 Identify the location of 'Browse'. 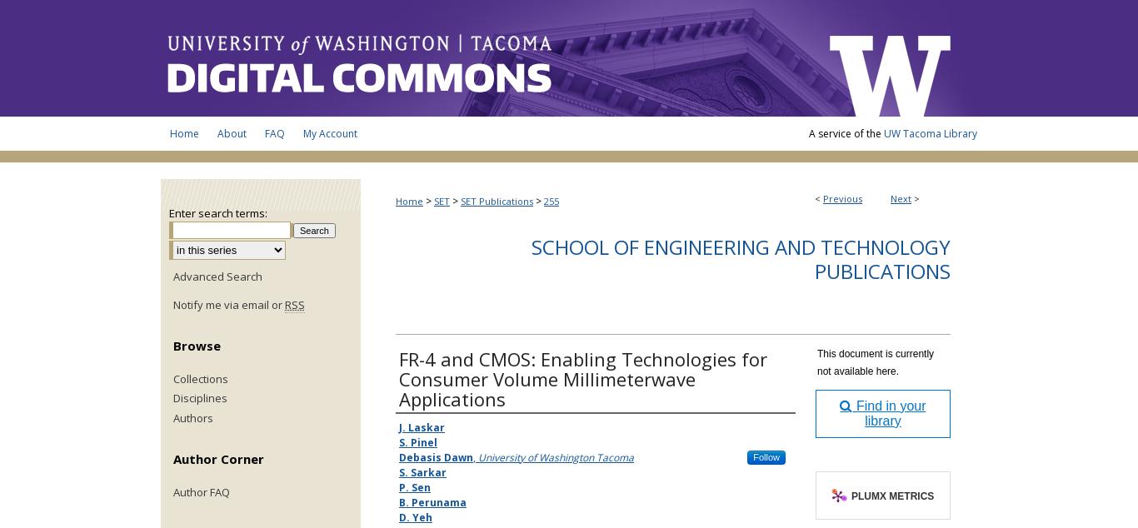
(197, 344).